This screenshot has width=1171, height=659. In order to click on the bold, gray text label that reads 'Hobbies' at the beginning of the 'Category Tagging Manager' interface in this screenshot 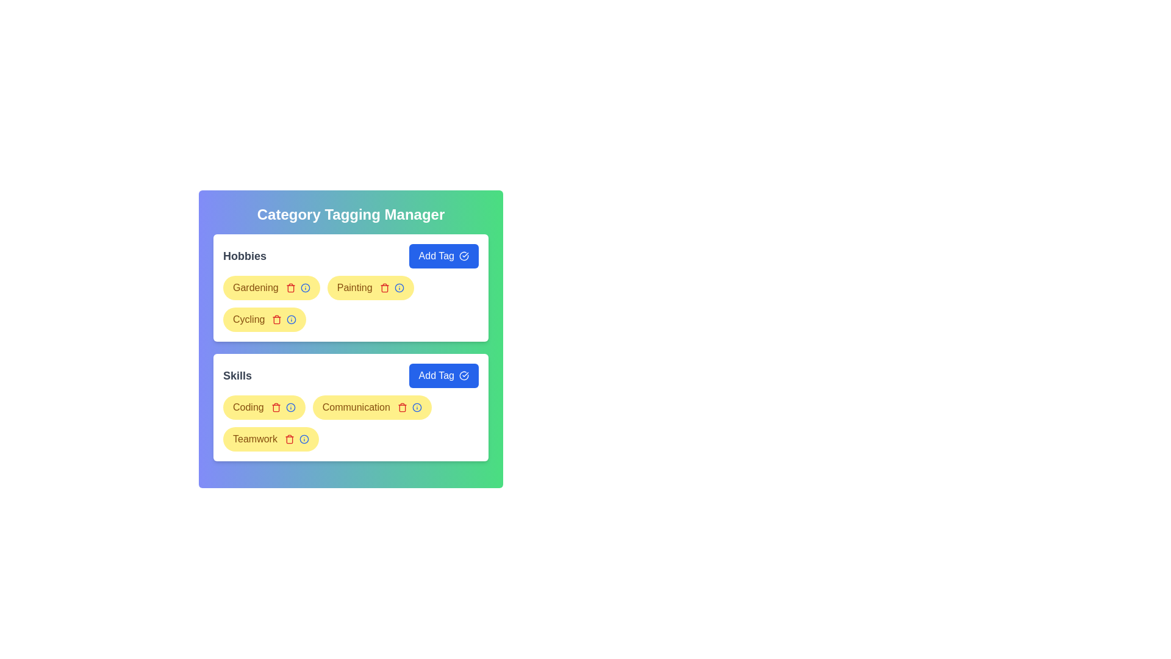, I will do `click(244, 256)`.